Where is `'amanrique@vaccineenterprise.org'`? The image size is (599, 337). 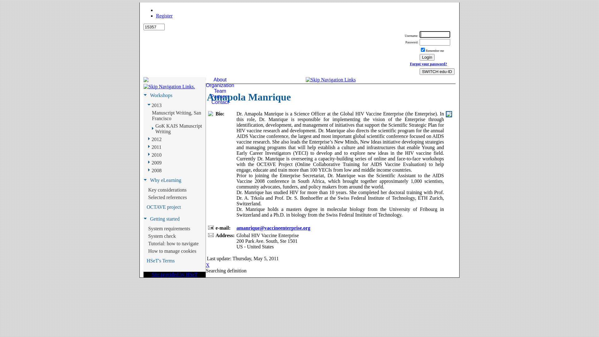 'amanrique@vaccineenterprise.org' is located at coordinates (273, 228).